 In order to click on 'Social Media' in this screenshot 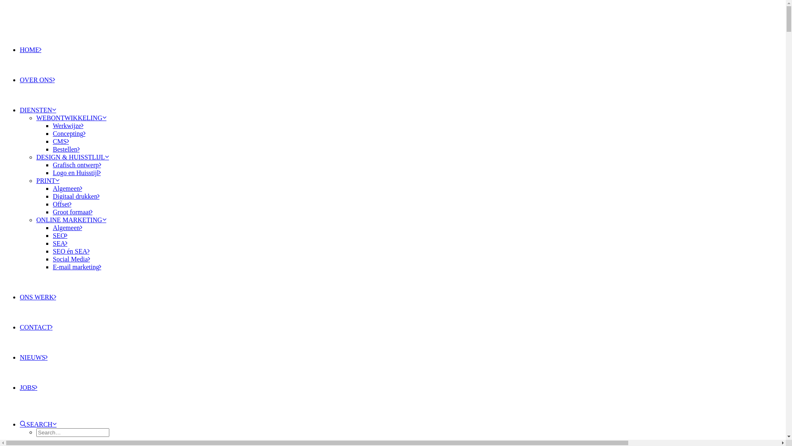, I will do `click(52, 259)`.